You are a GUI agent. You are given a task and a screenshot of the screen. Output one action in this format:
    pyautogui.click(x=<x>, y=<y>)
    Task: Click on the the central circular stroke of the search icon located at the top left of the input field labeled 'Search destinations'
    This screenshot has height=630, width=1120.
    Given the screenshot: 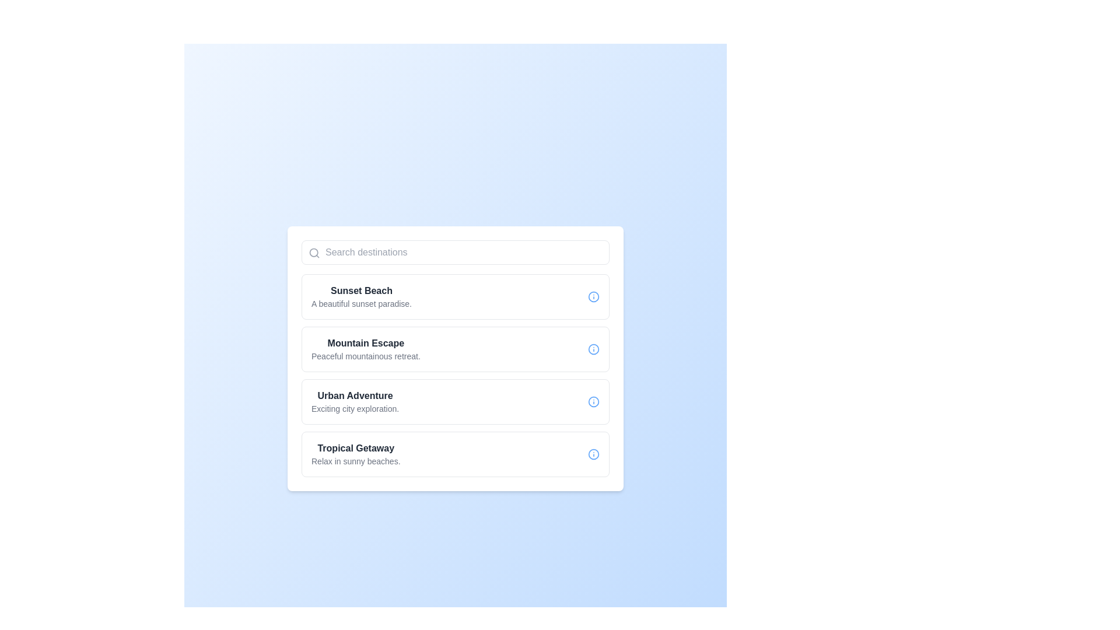 What is the action you would take?
    pyautogui.click(x=314, y=252)
    